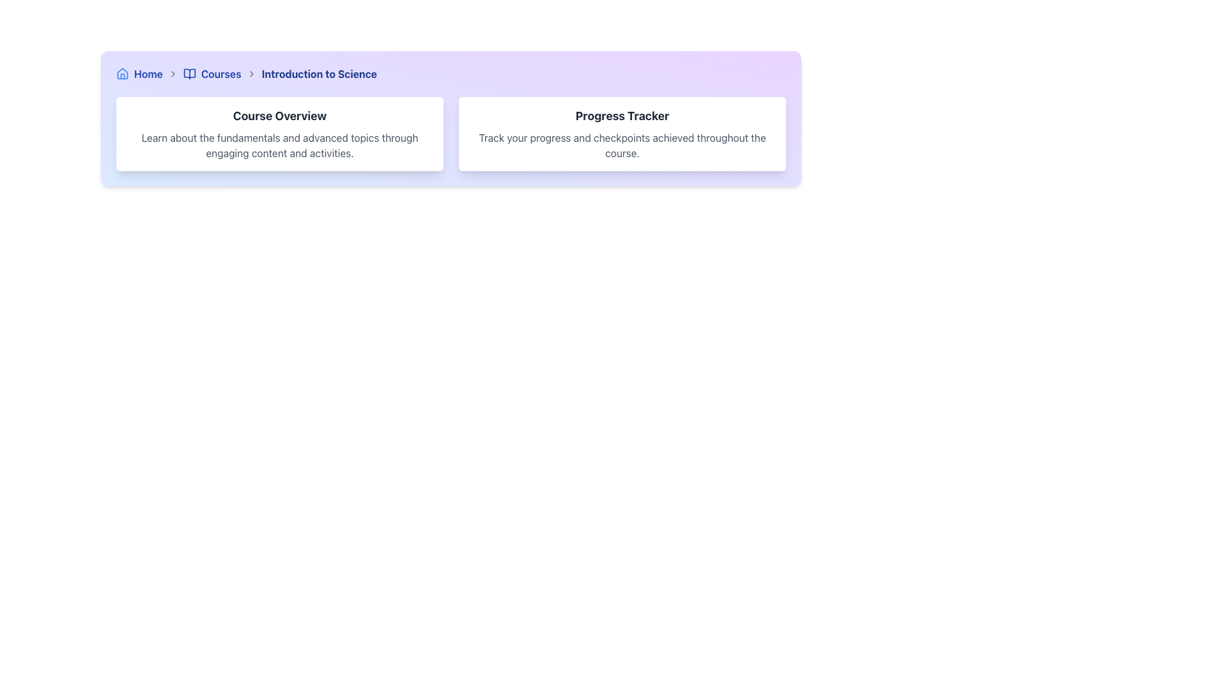  What do you see at coordinates (212, 73) in the screenshot?
I see `the second breadcrumb link in the navigation bar` at bounding box center [212, 73].